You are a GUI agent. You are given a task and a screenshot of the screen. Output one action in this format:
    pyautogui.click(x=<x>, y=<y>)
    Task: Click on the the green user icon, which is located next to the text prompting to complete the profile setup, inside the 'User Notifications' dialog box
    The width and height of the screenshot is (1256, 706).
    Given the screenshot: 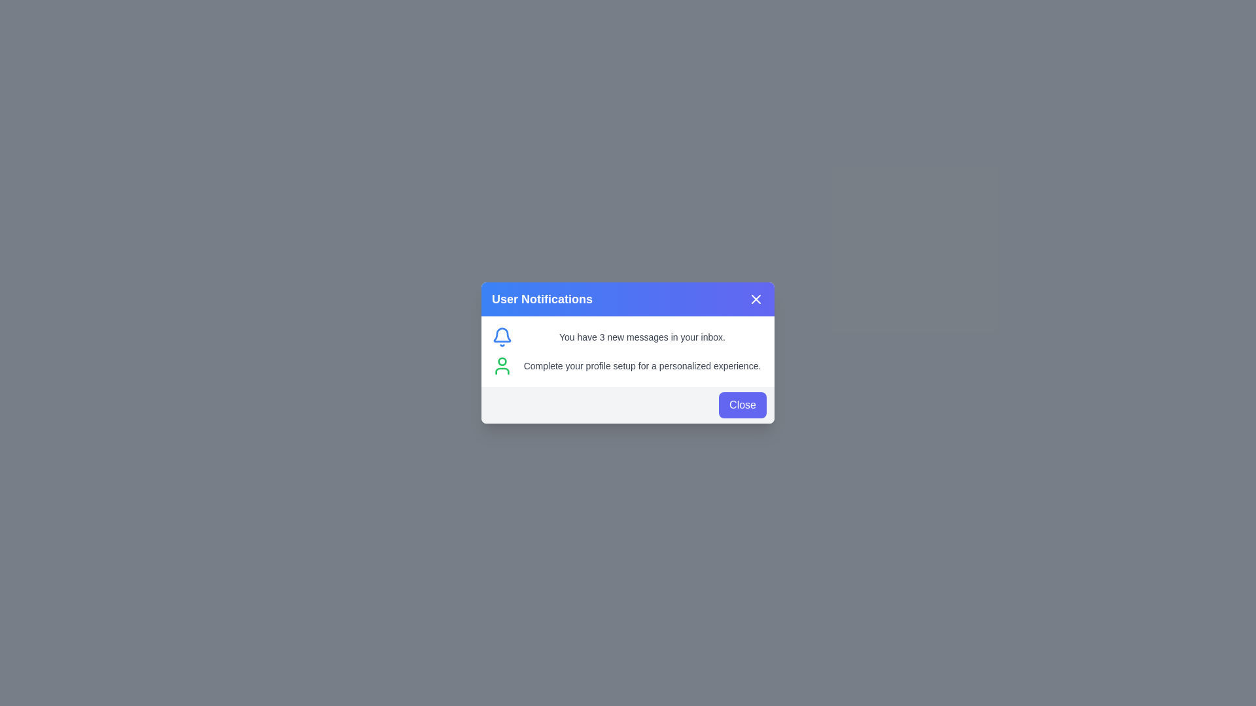 What is the action you would take?
    pyautogui.click(x=502, y=365)
    